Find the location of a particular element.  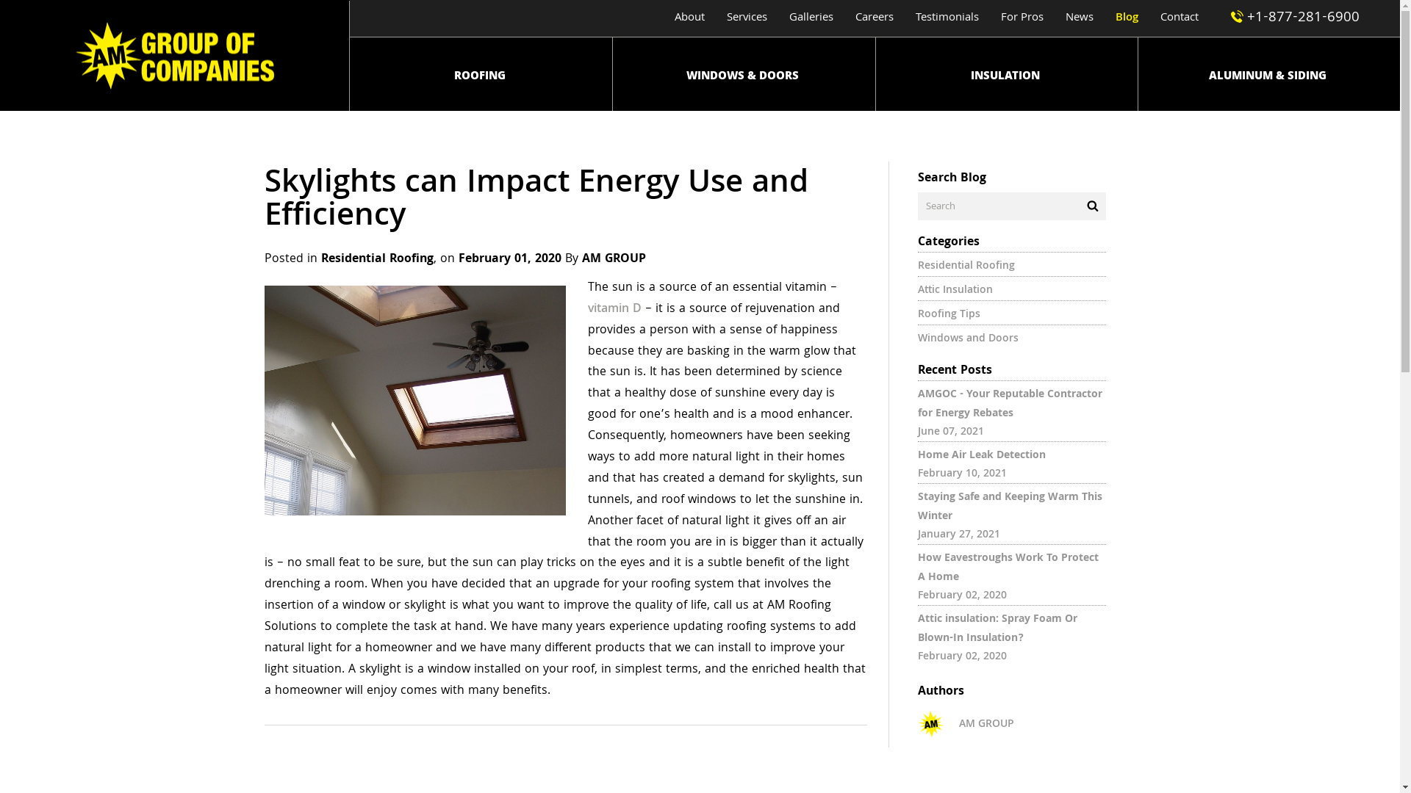

'Services' is located at coordinates (716, 18).